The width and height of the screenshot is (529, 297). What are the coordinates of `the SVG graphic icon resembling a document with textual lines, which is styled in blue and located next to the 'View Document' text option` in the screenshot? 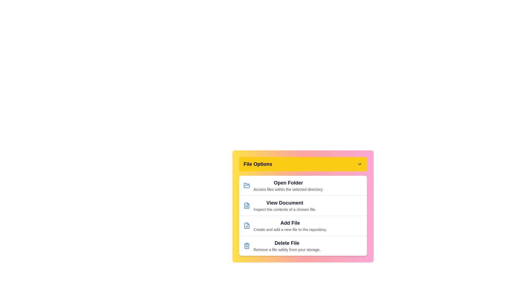 It's located at (247, 206).